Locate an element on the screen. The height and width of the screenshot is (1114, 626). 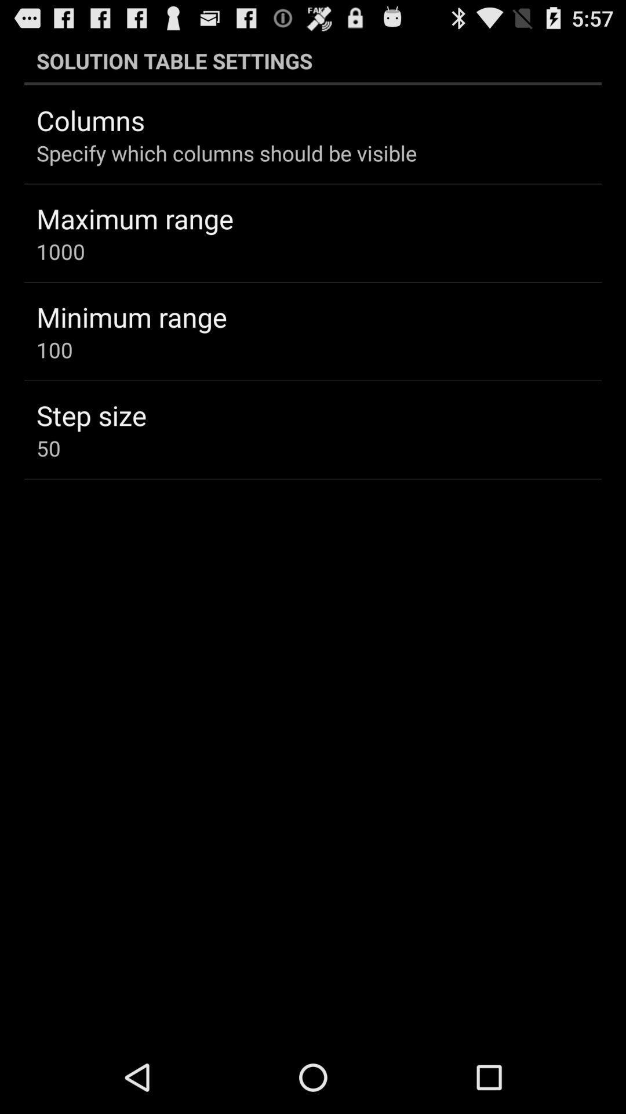
icon below the columns item is located at coordinates (227, 153).